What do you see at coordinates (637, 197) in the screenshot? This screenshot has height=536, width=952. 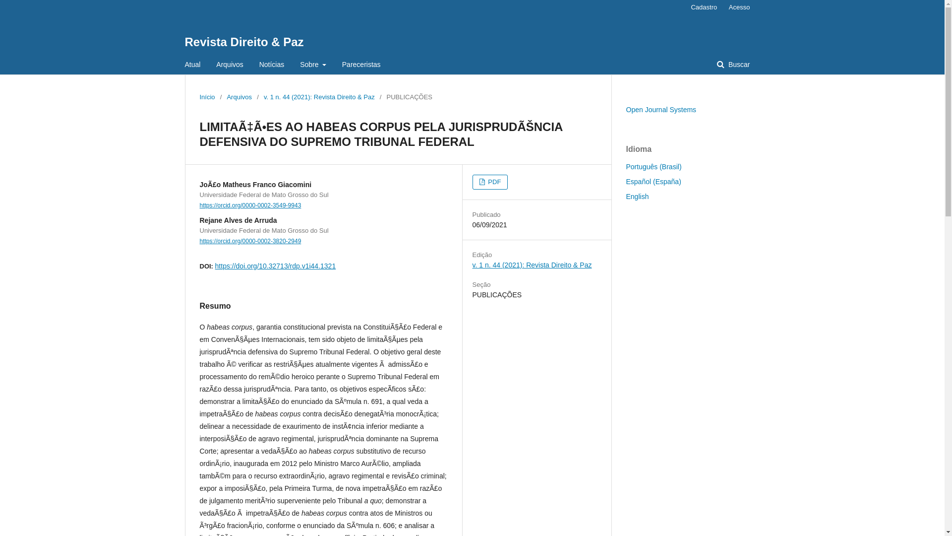 I see `'English'` at bounding box center [637, 197].